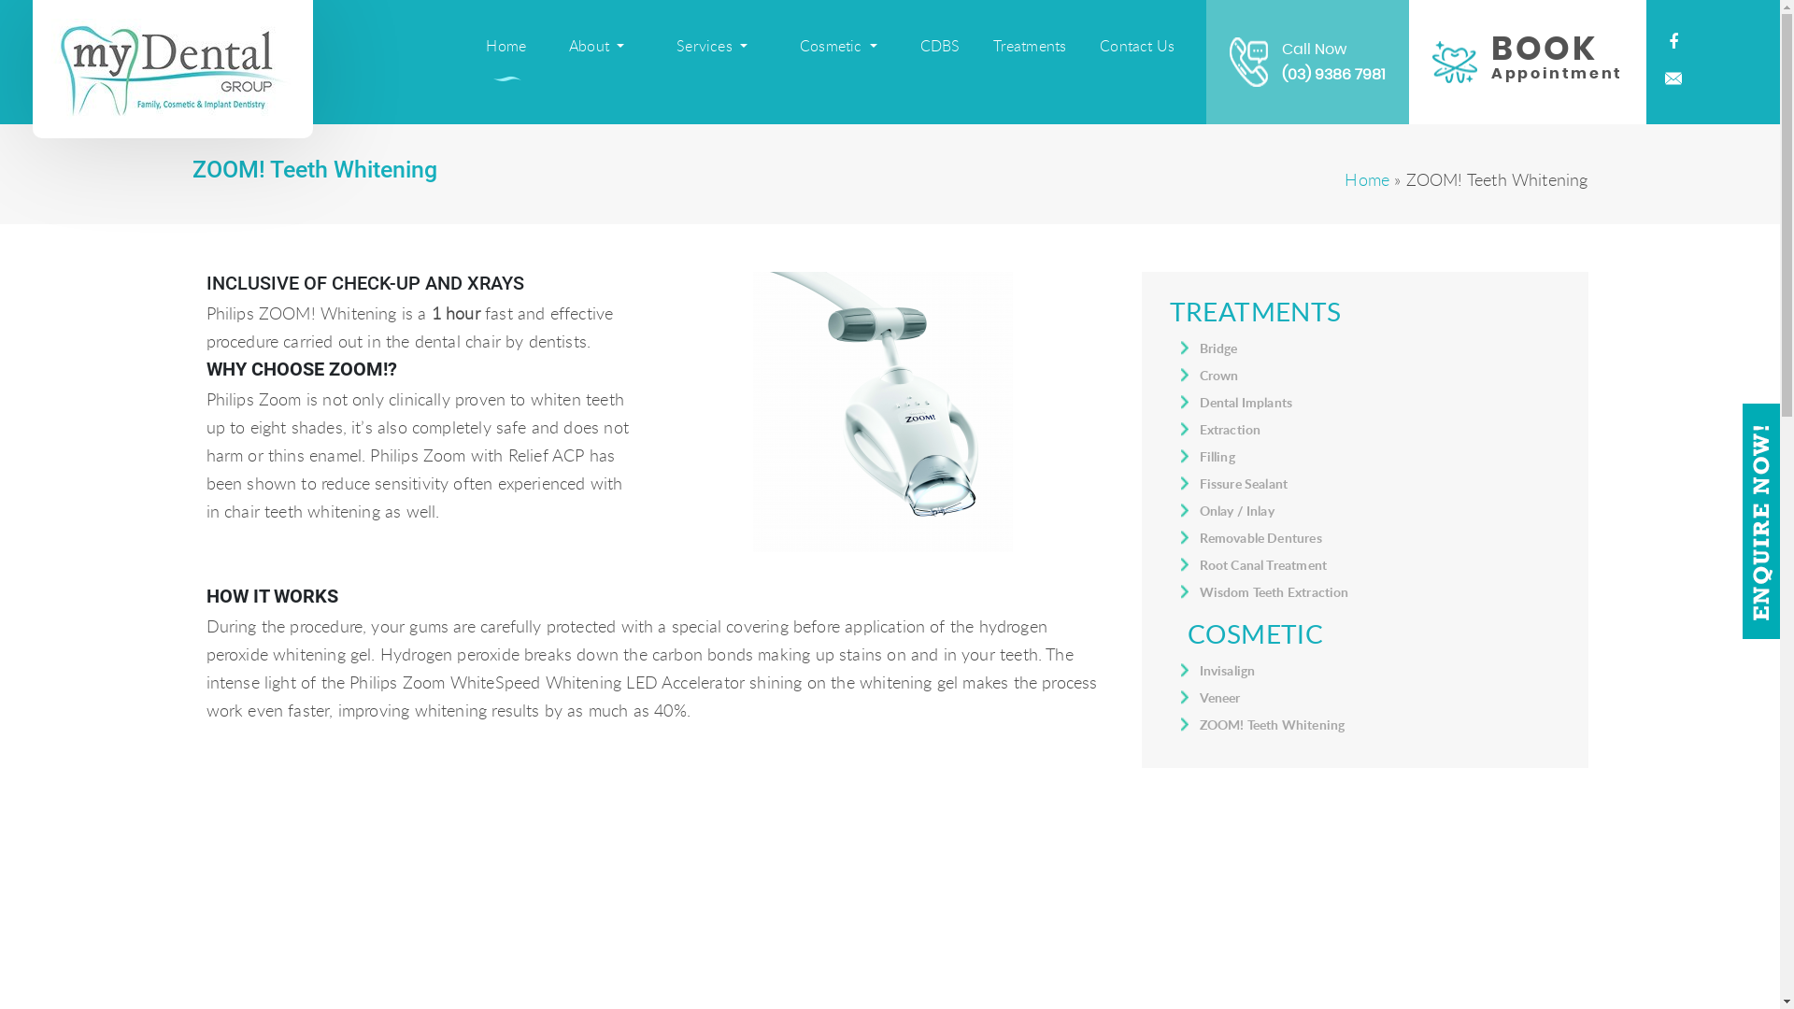 The image size is (1794, 1009). What do you see at coordinates (173, 67) in the screenshot?
I see `'Brunswick Dentists - My Dental Group'` at bounding box center [173, 67].